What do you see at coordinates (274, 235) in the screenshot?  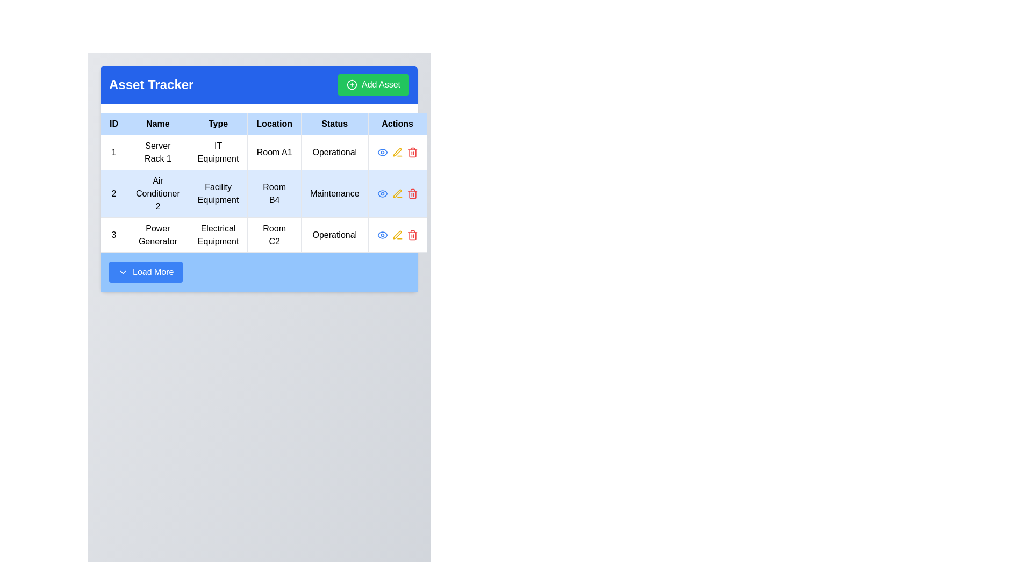 I see `the cell displaying 'Room C2' in the fourth column of the last row of the 'Asset Tracker' table` at bounding box center [274, 235].